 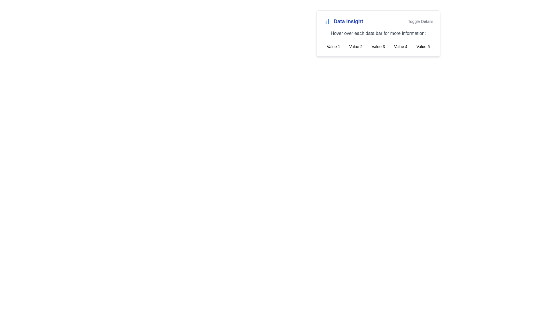 What do you see at coordinates (333, 45) in the screenshot?
I see `the first text label under the 'Data Insight' header, which represents a category for visual data representation` at bounding box center [333, 45].